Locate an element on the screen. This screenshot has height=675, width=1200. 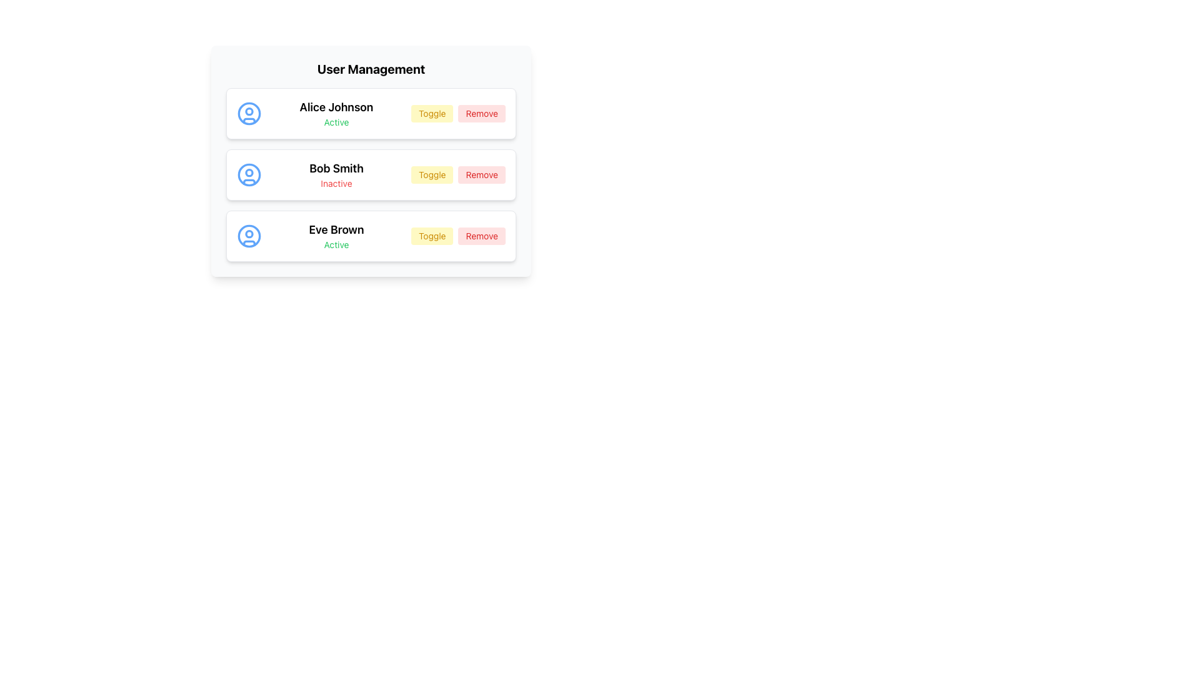
the 'Toggle' button to change the state of user 'Eve Brown' from Active to Inactive or vice versa is located at coordinates (432, 236).